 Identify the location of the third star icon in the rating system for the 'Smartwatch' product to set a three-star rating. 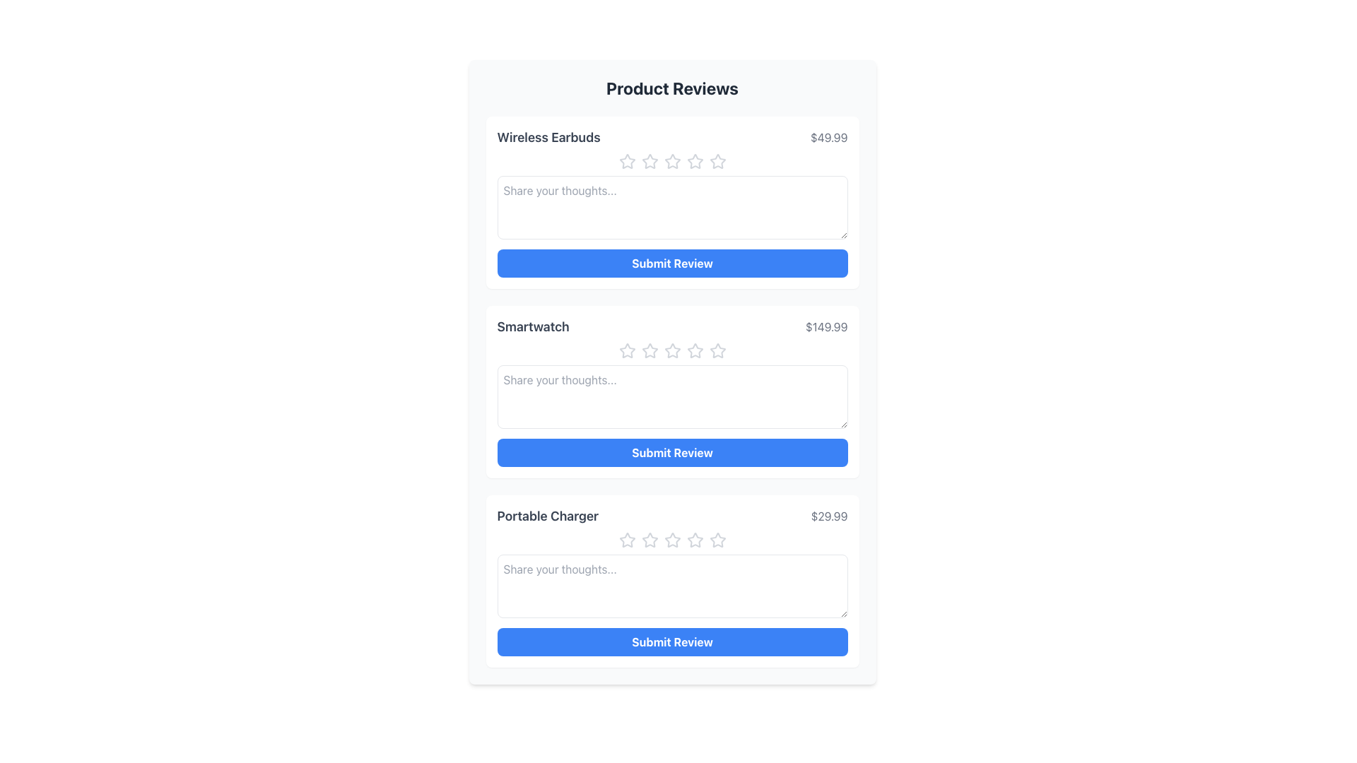
(671, 350).